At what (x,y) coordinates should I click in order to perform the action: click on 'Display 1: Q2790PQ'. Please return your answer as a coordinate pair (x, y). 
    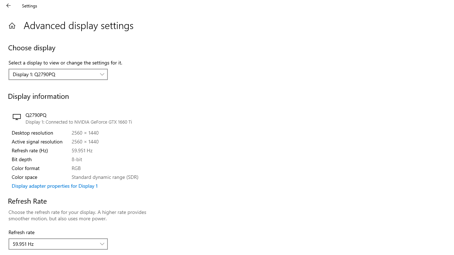
    Looking at the image, I should click on (54, 74).